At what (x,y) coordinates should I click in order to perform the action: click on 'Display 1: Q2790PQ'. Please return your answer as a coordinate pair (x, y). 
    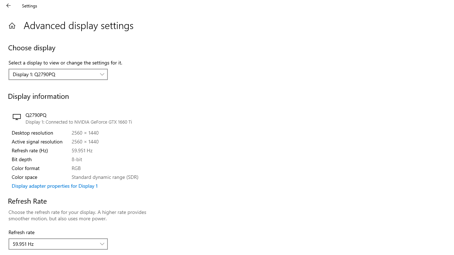
    Looking at the image, I should click on (54, 74).